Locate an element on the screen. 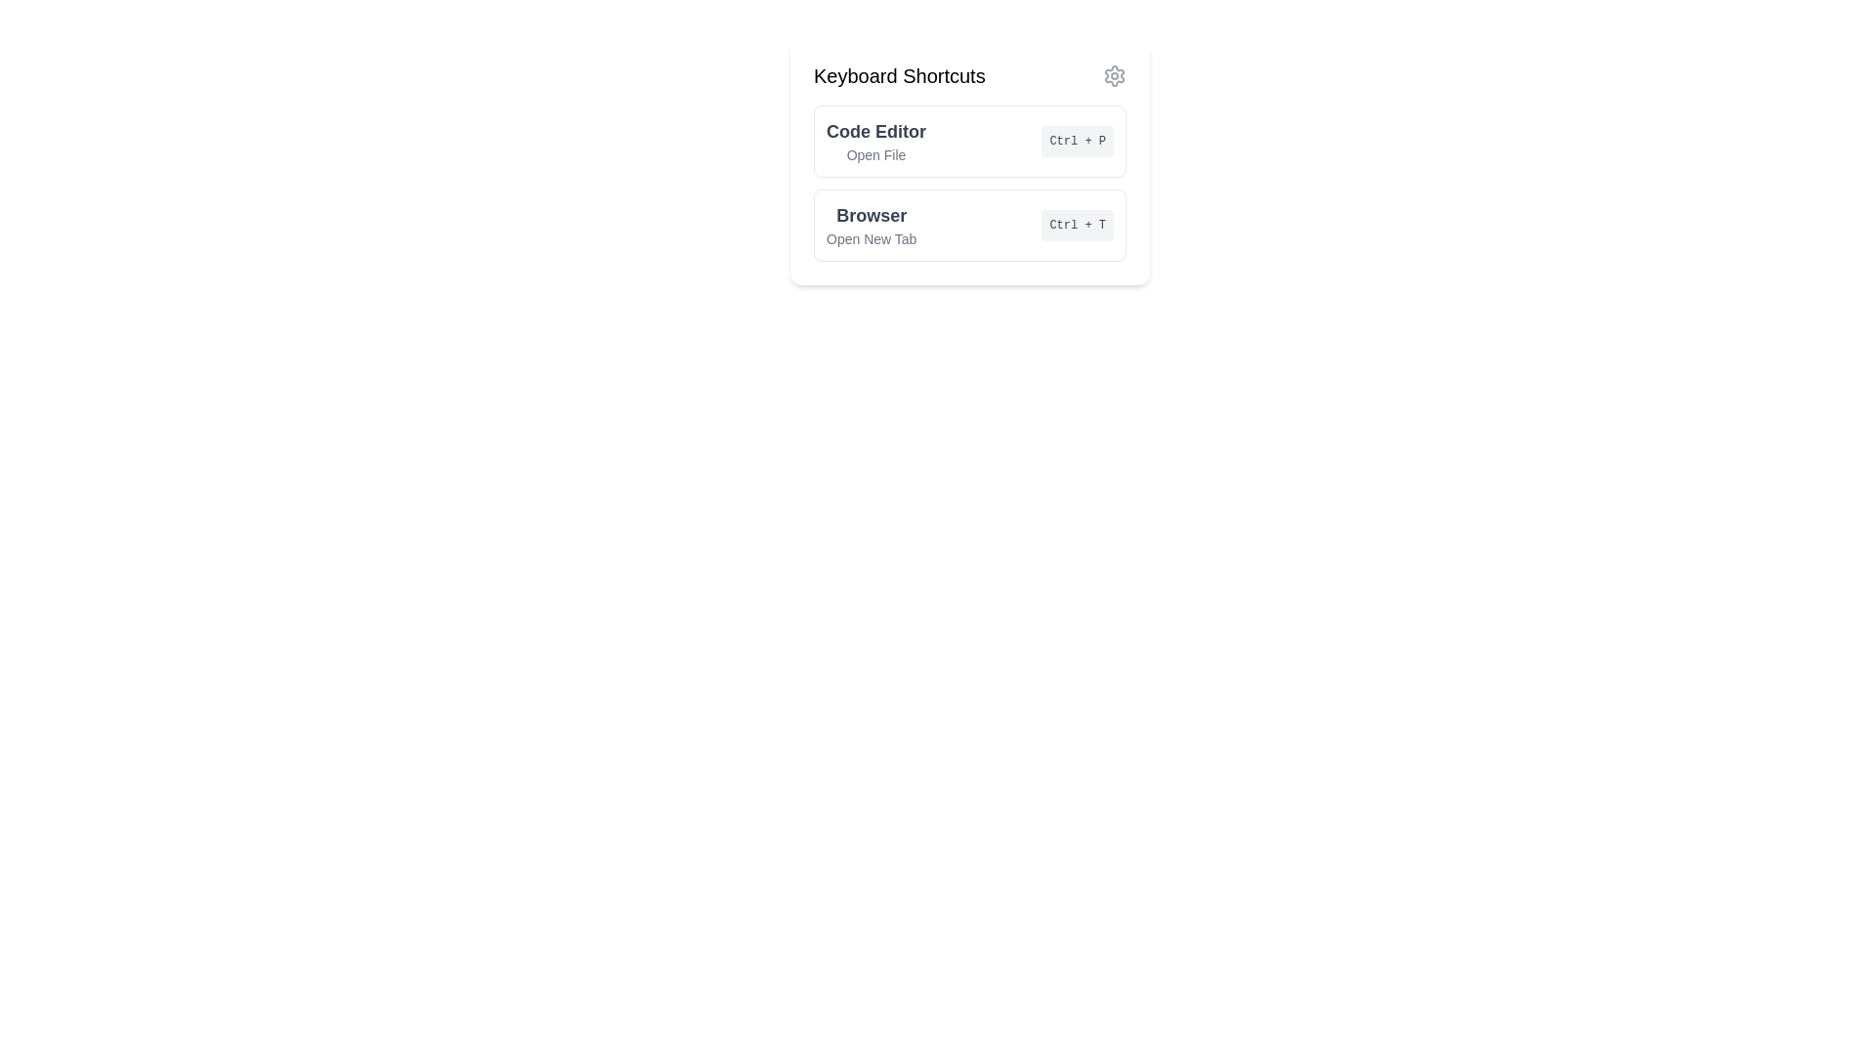  the settings icon located at the top-right corner of the 'Keyboard Shortcuts' box is located at coordinates (1115, 74).